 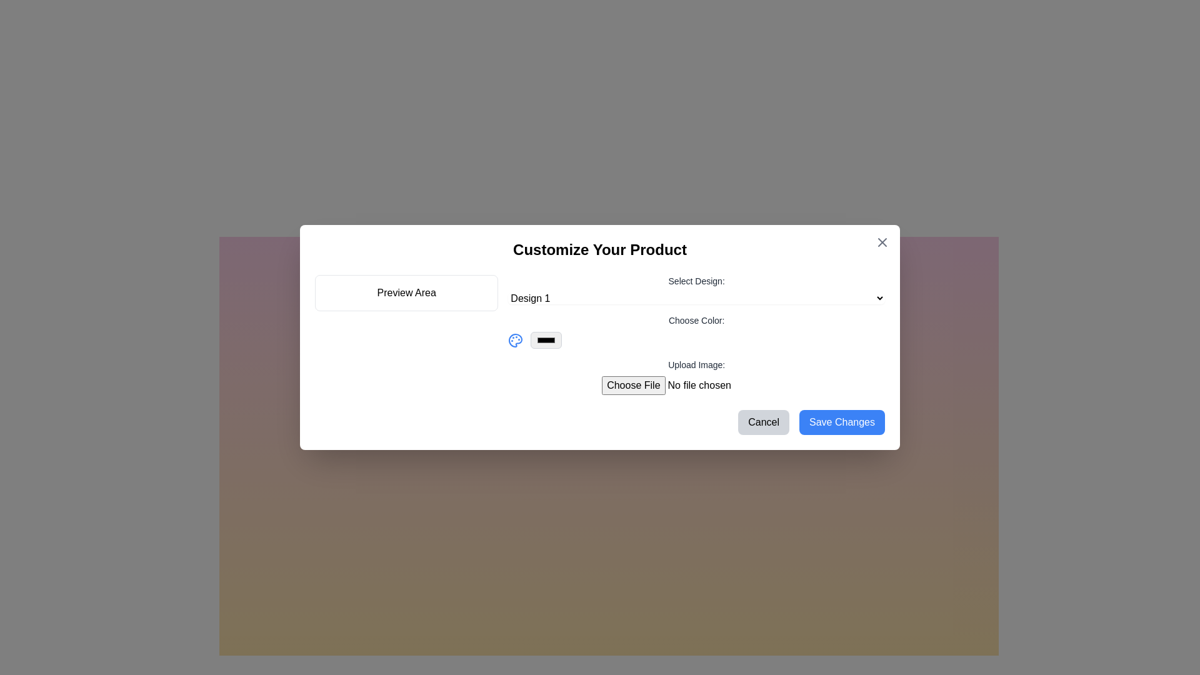 What do you see at coordinates (546, 340) in the screenshot?
I see `the color input field, which is a rectangular UI component with rounded corners and a neutral background` at bounding box center [546, 340].